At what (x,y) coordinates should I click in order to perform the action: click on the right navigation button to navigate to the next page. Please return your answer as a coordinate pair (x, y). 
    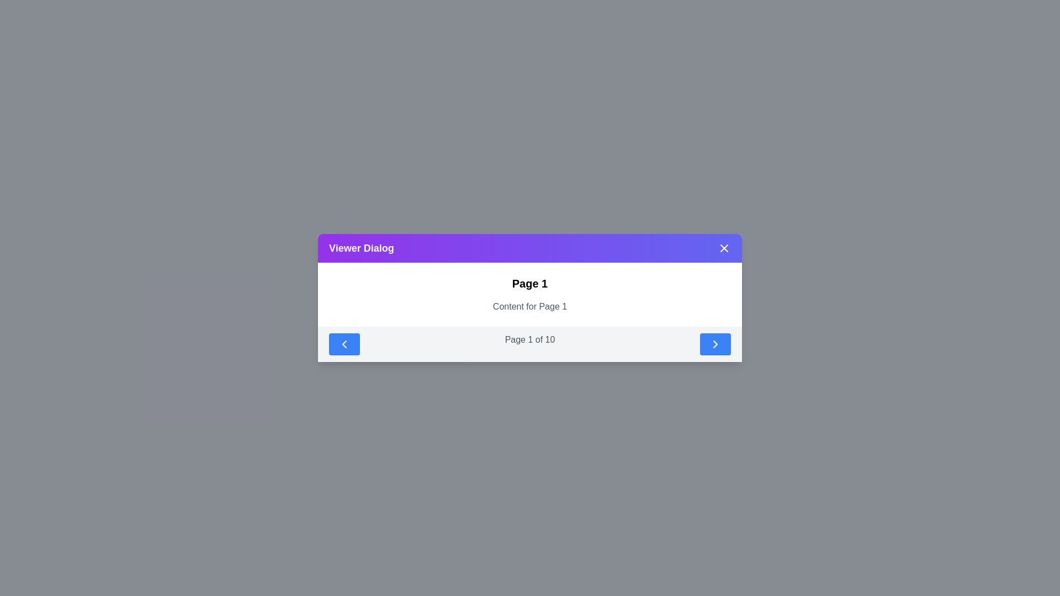
    Looking at the image, I should click on (715, 344).